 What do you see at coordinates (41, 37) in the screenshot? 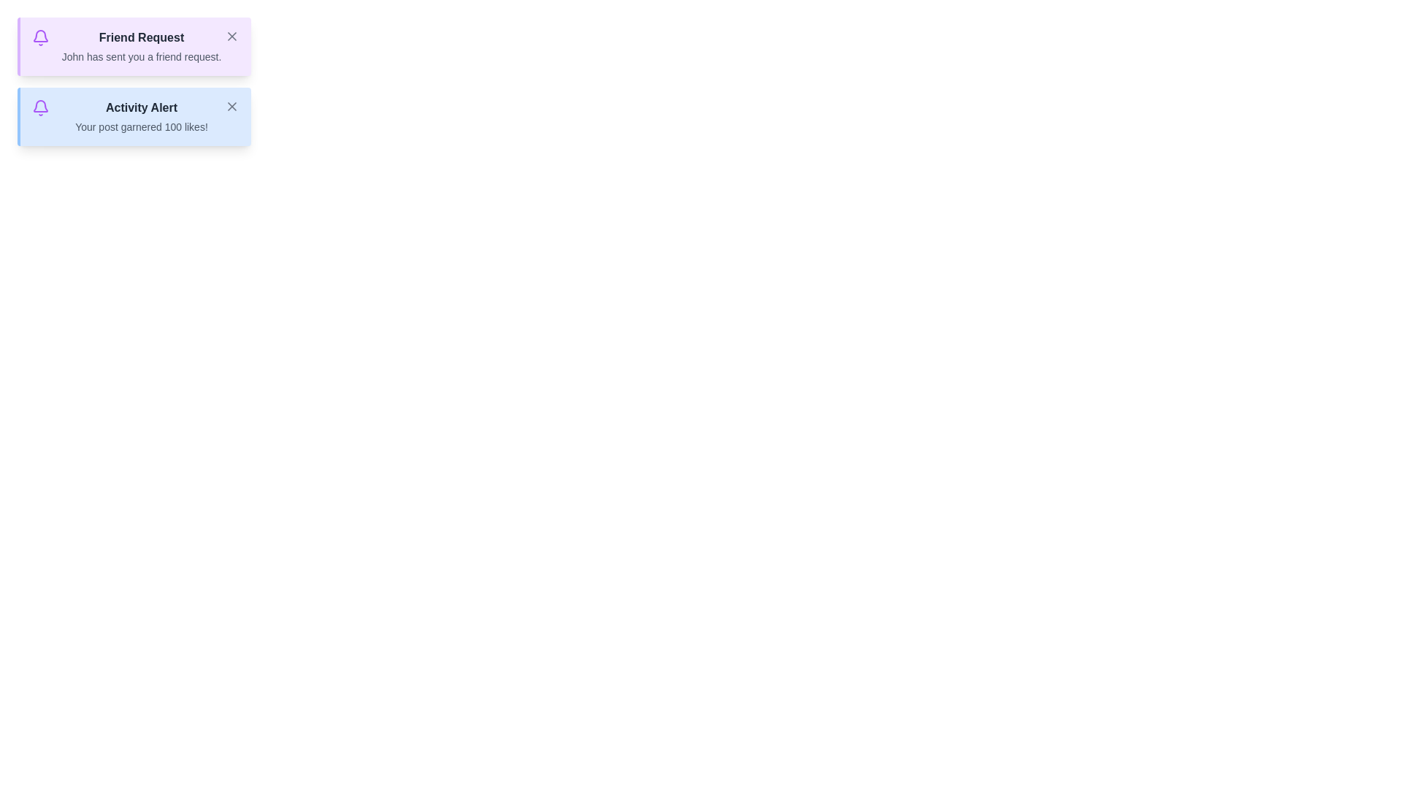
I see `the notification bell icon for Friend Request` at bounding box center [41, 37].